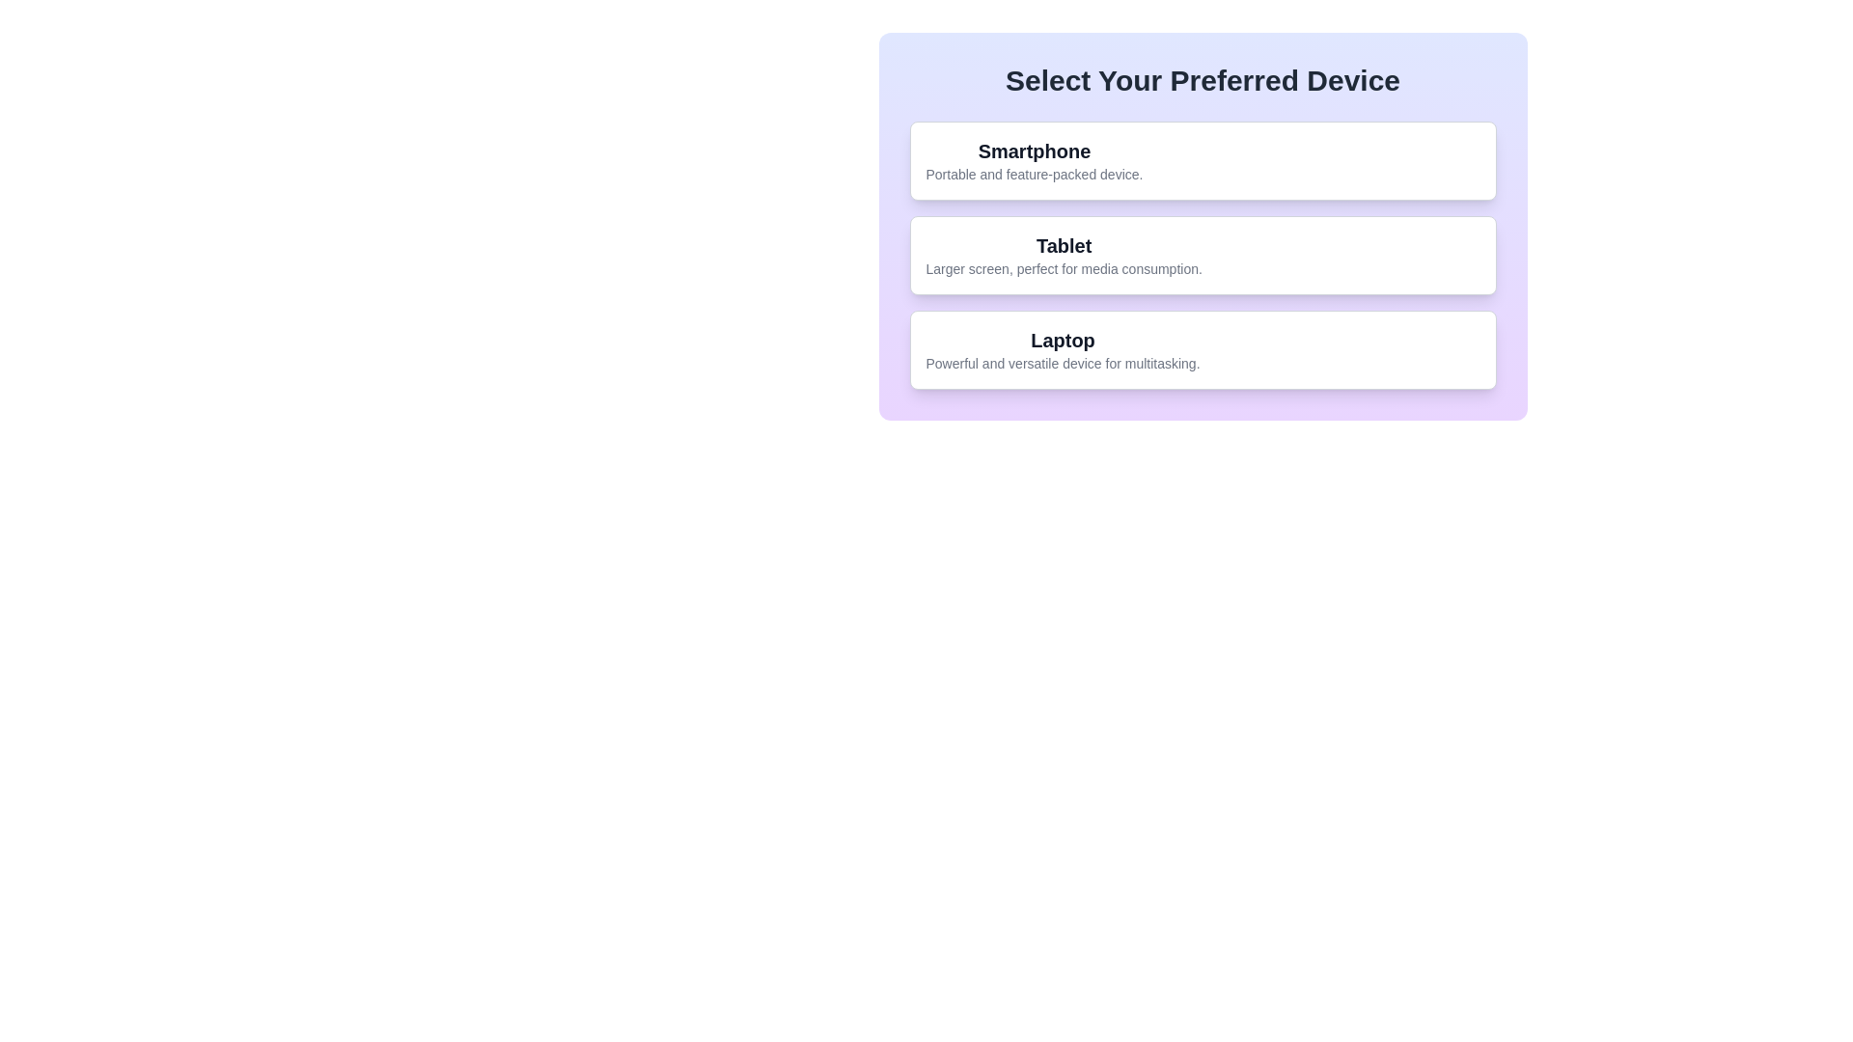  What do you see at coordinates (1062, 340) in the screenshot?
I see `the heading text for 'Laptop'` at bounding box center [1062, 340].